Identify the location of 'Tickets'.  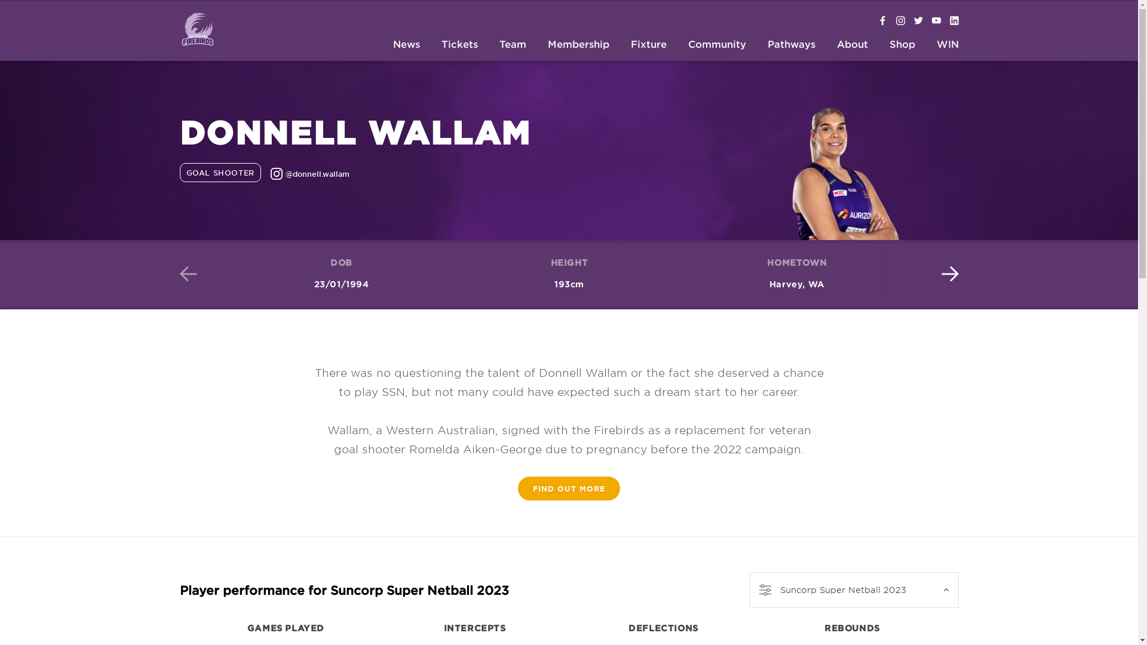
(459, 45).